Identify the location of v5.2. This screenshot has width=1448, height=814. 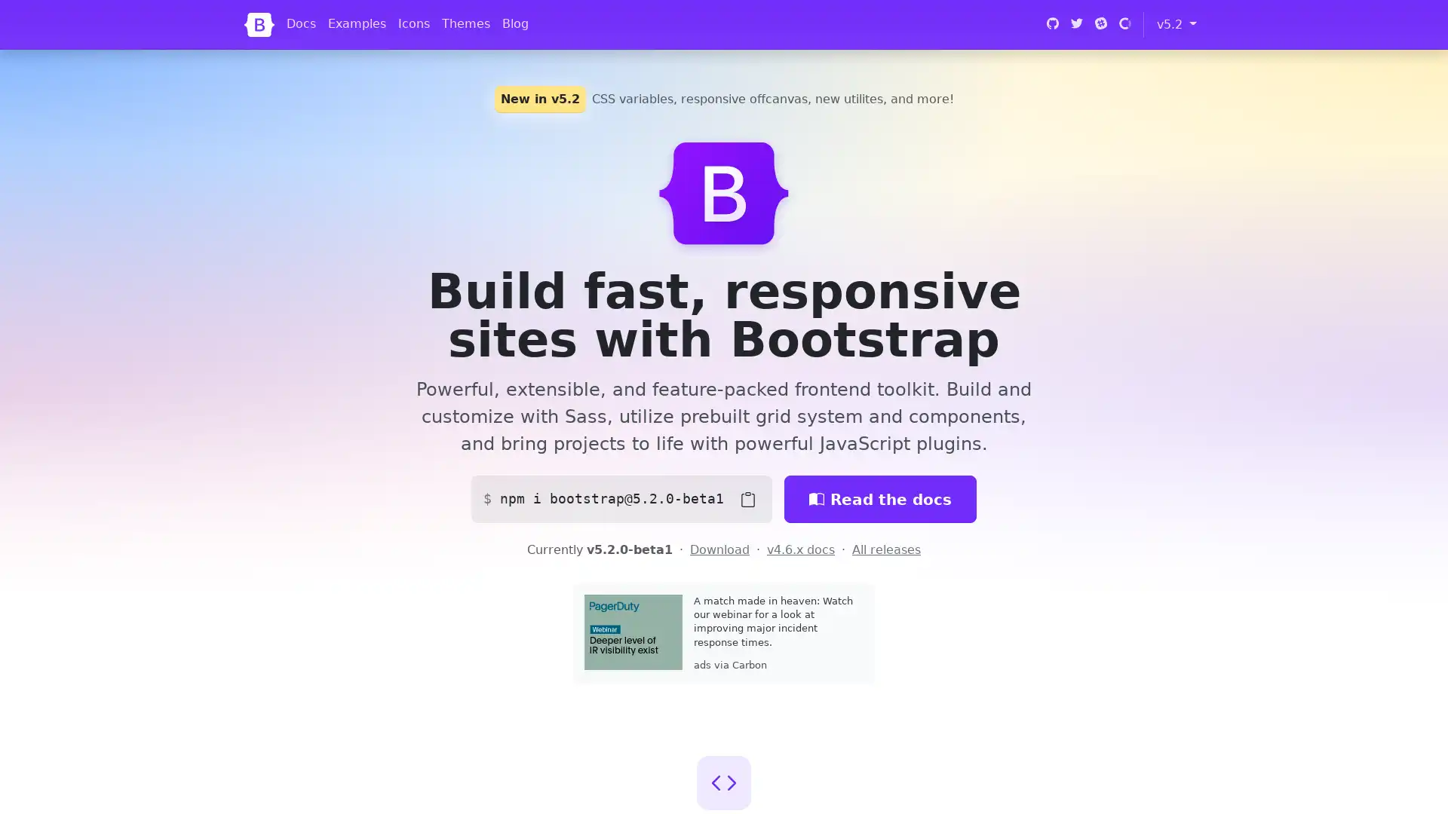
(1176, 25).